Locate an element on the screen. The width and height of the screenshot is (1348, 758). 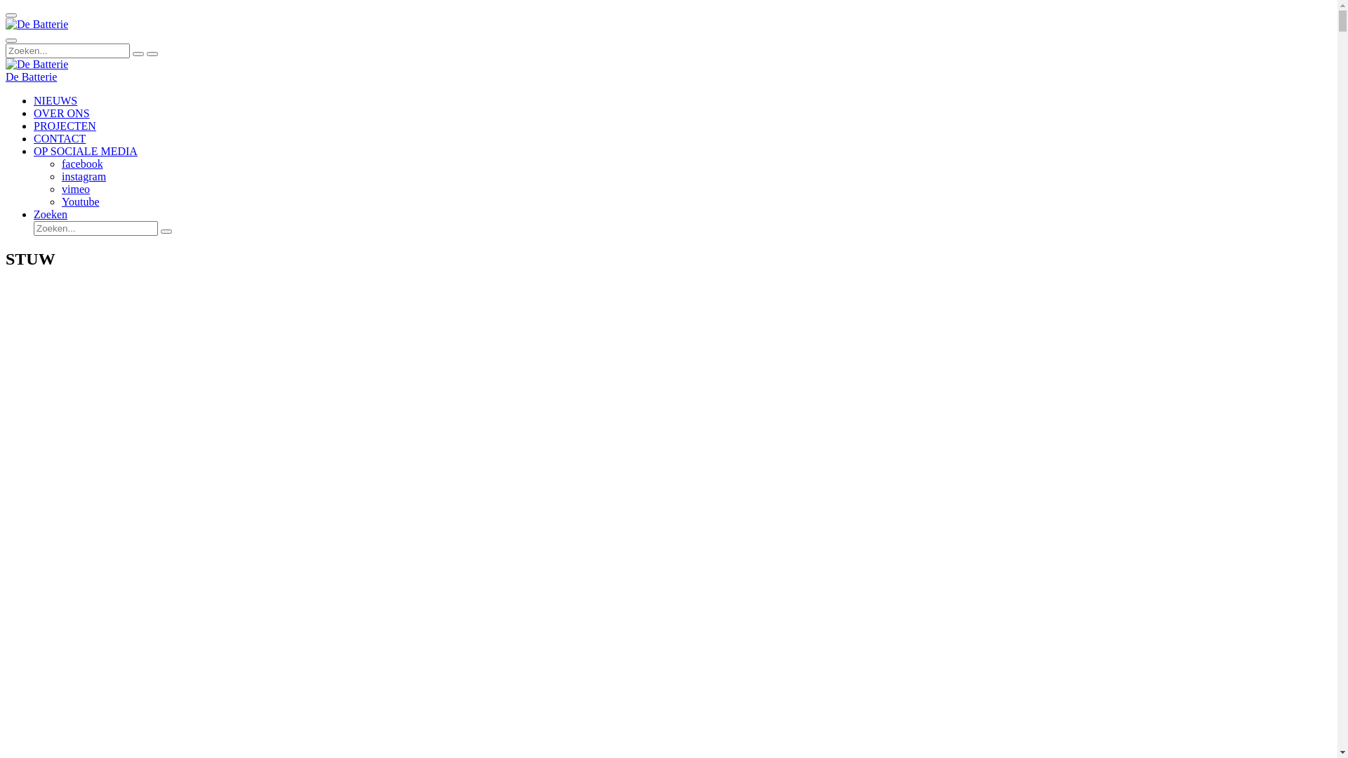
'vimeo' is located at coordinates (74, 188).